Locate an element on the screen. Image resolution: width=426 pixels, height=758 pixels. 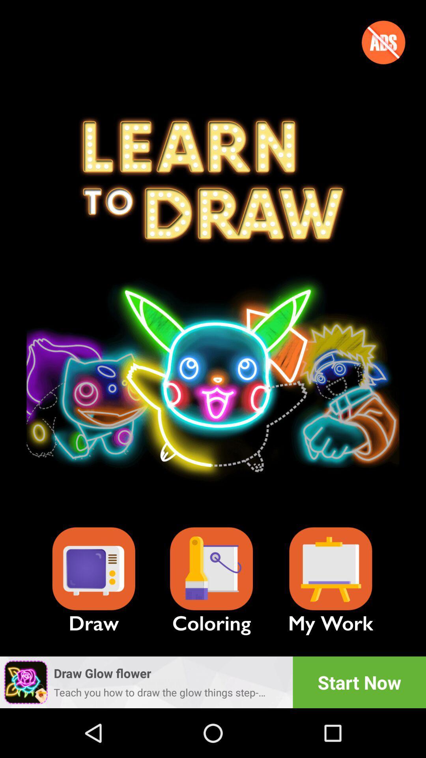
icon at the top right corner is located at coordinates (383, 42).